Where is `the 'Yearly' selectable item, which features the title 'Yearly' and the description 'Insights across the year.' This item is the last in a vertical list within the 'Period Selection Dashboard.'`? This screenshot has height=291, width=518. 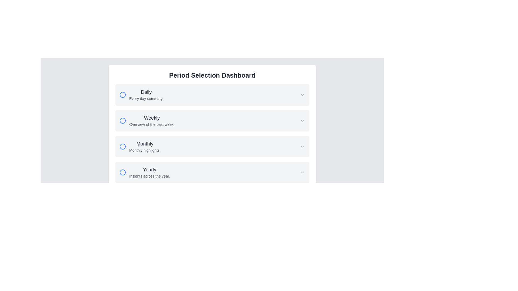 the 'Yearly' selectable item, which features the title 'Yearly' and the description 'Insights across the year.' This item is the last in a vertical list within the 'Period Selection Dashboard.' is located at coordinates (145, 172).